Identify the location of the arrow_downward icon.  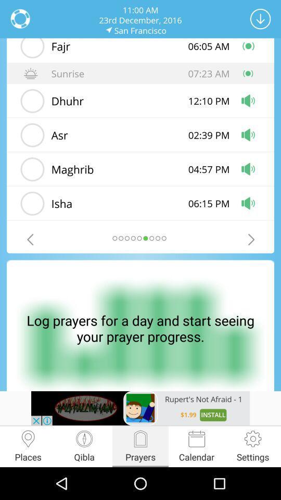
(260, 18).